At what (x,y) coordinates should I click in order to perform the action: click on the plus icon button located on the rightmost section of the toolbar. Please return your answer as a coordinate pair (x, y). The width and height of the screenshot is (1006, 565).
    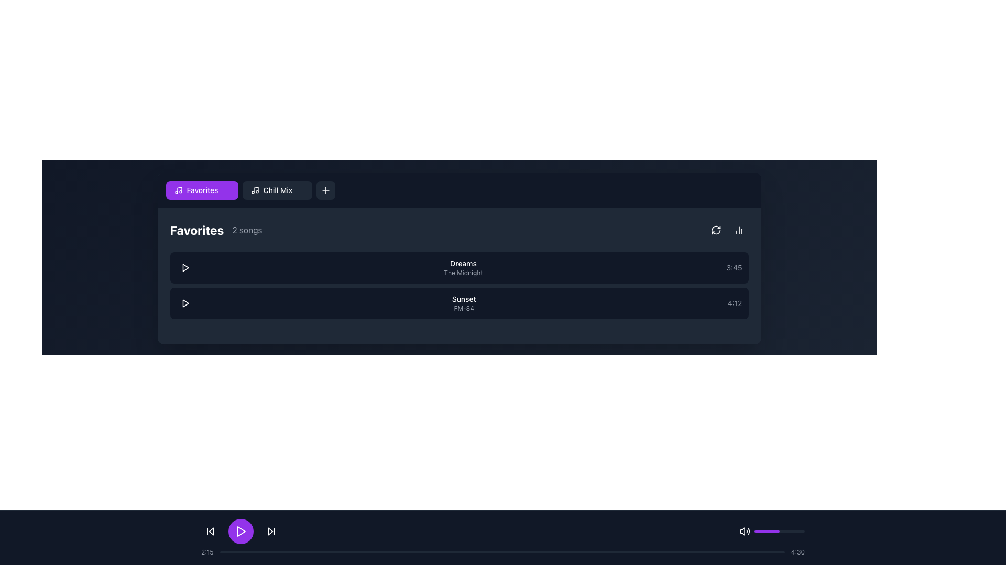
    Looking at the image, I should click on (325, 190).